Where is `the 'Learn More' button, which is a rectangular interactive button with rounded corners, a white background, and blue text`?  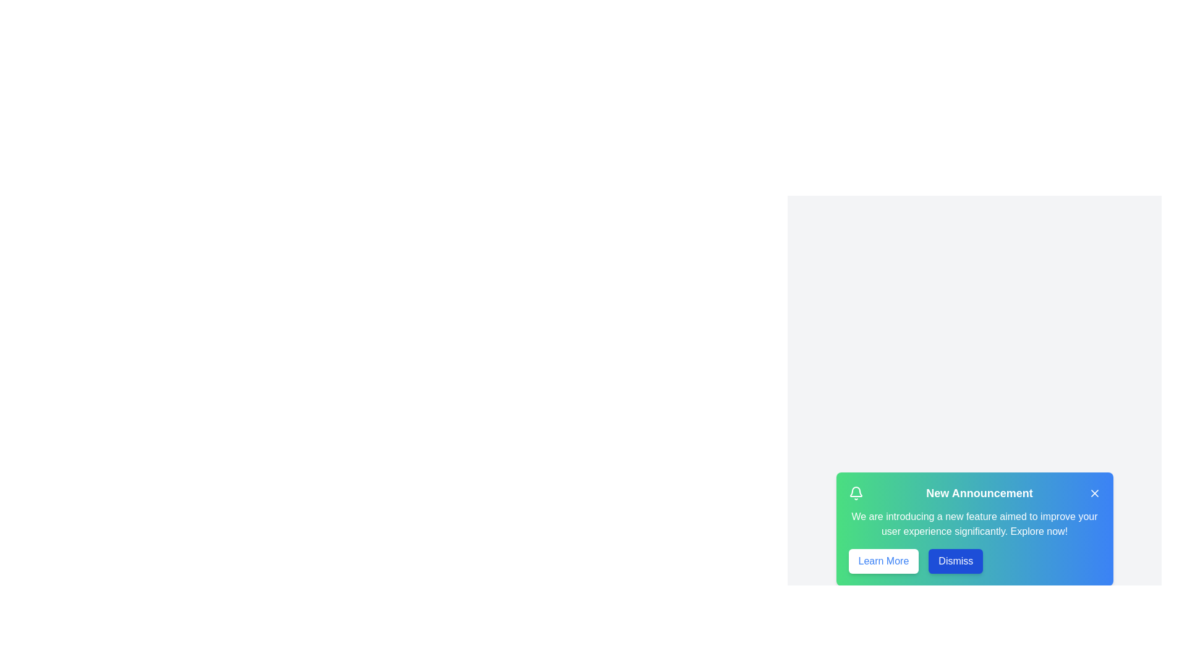
the 'Learn More' button, which is a rectangular interactive button with rounded corners, a white background, and blue text is located at coordinates (883, 561).